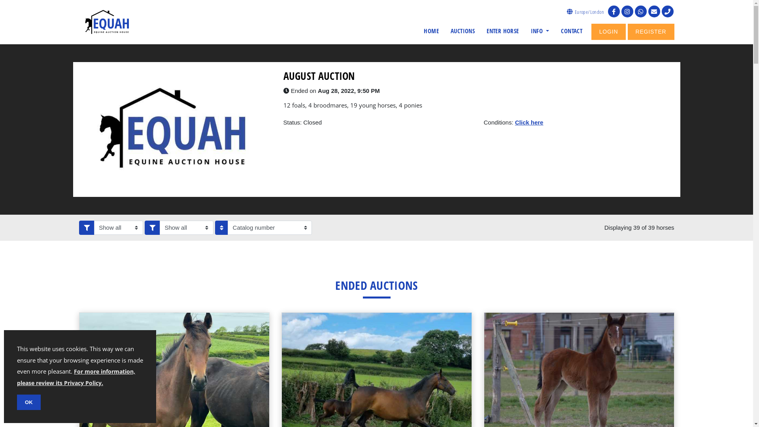  What do you see at coordinates (28, 402) in the screenshot?
I see `'OK'` at bounding box center [28, 402].